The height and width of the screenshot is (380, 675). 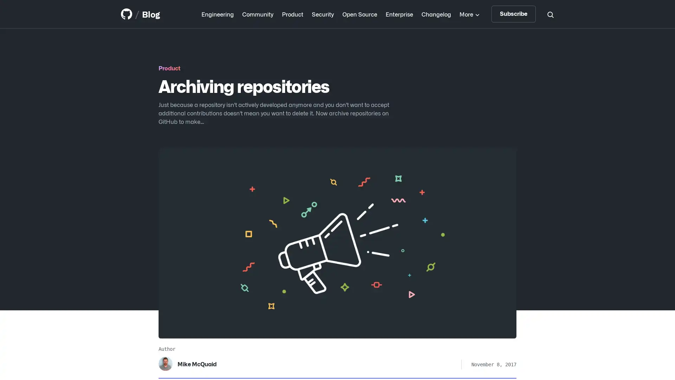 What do you see at coordinates (550, 13) in the screenshot?
I see `Search toggle` at bounding box center [550, 13].